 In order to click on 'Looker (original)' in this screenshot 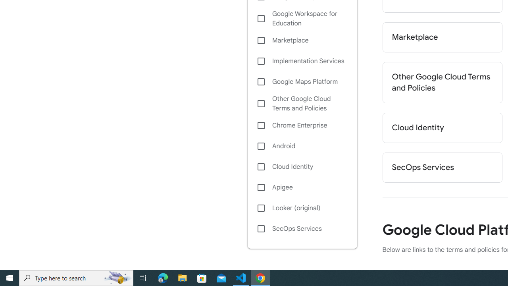, I will do `click(302, 208)`.